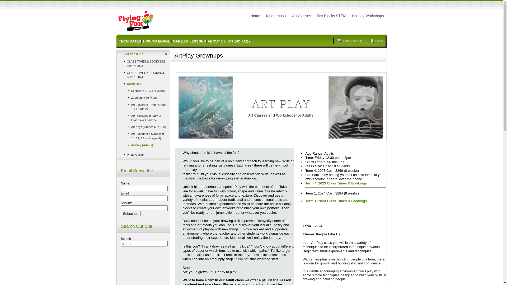 This screenshot has width=507, height=285. Describe the element at coordinates (305, 184) in the screenshot. I see `'Term 4, 2023 Class Times & Bookings'` at that location.